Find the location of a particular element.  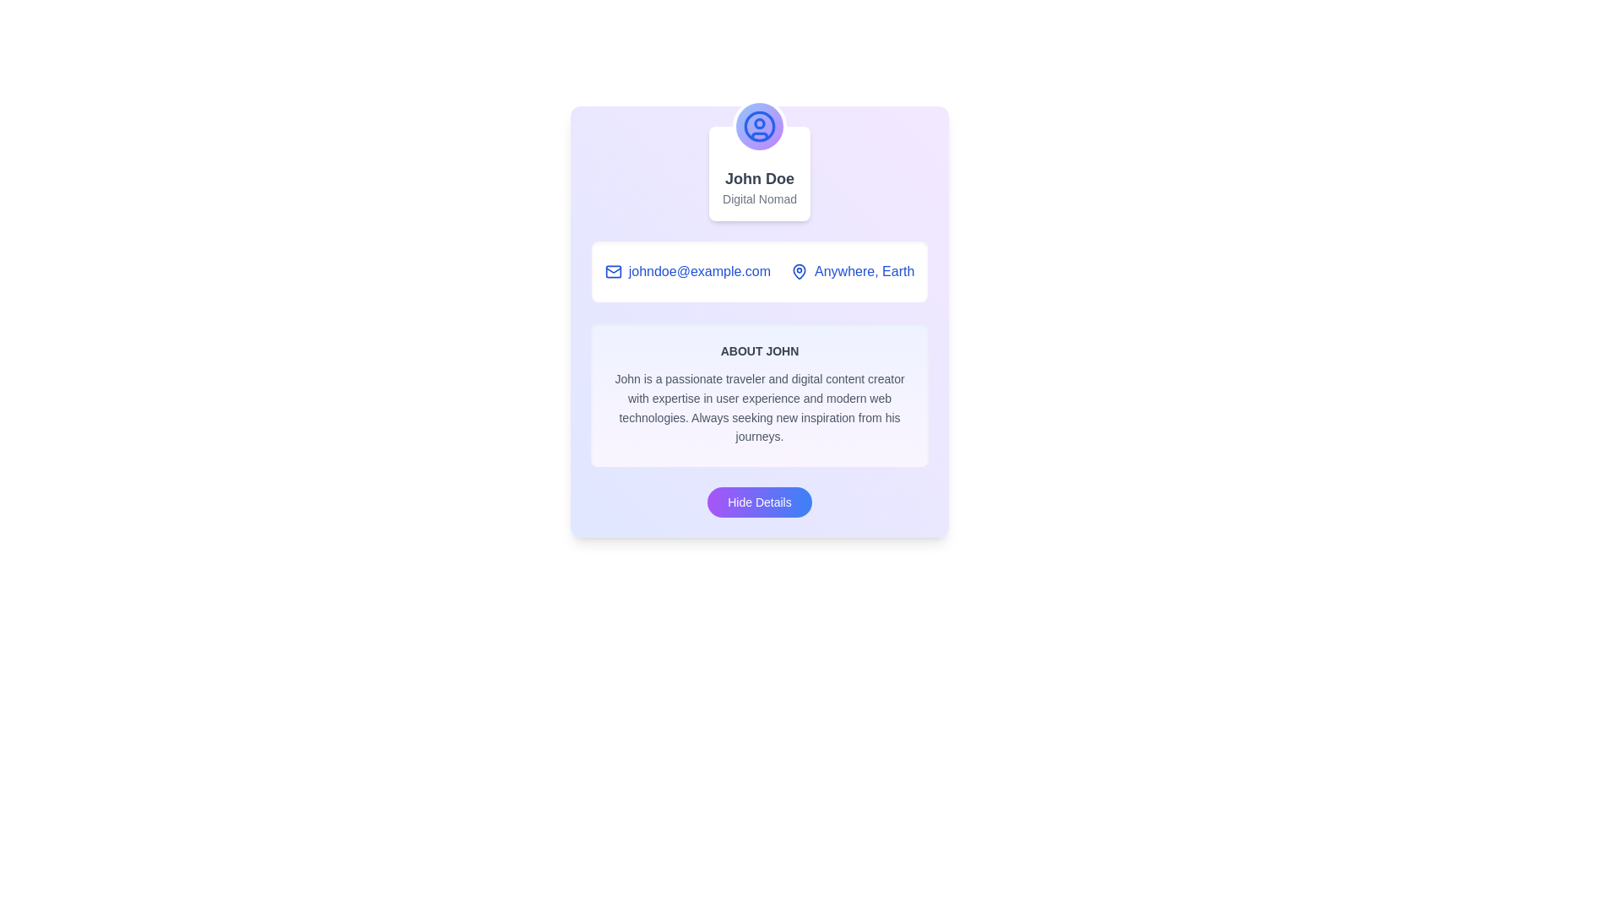

the circular graphical element that forms the base of the user avatar icon, positioned centrally above the user's name 'John Doe' in the card layout is located at coordinates (759, 126).